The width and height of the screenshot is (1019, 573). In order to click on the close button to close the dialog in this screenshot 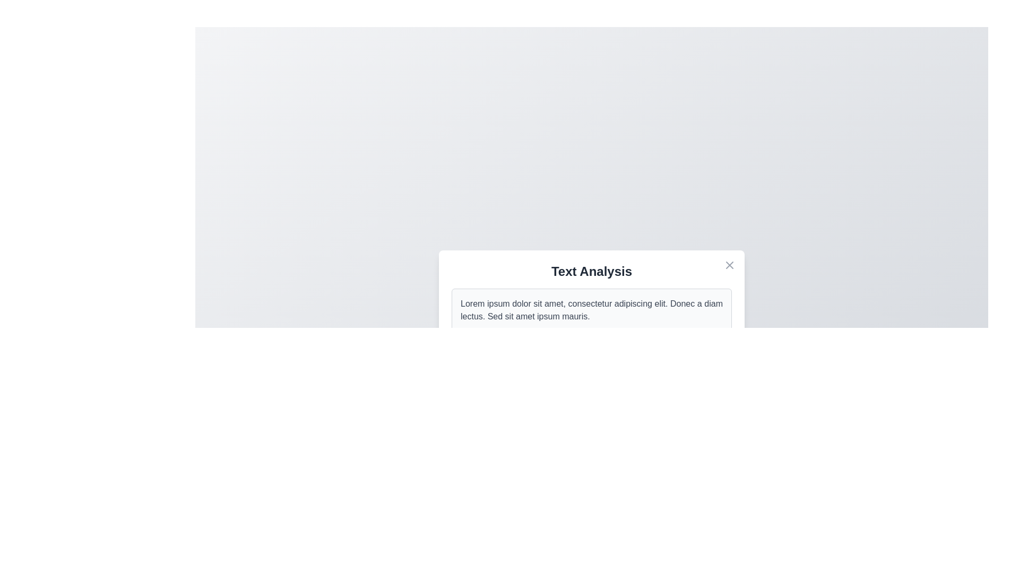, I will do `click(729, 265)`.